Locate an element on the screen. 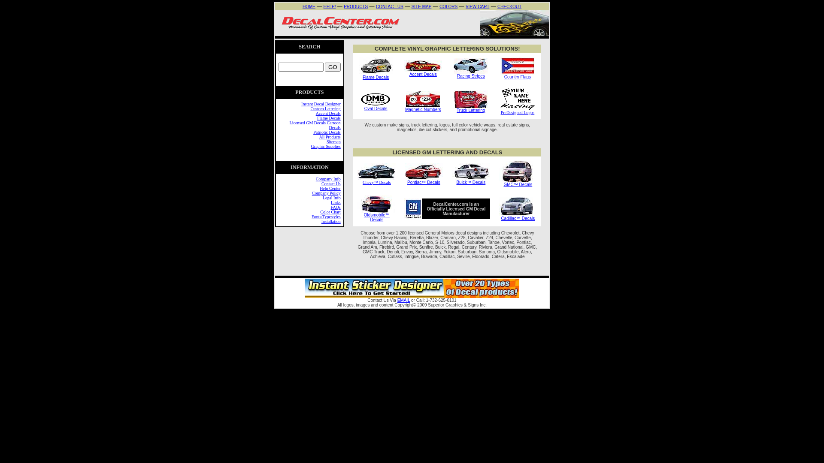  'Color Chart' is located at coordinates (330, 212).